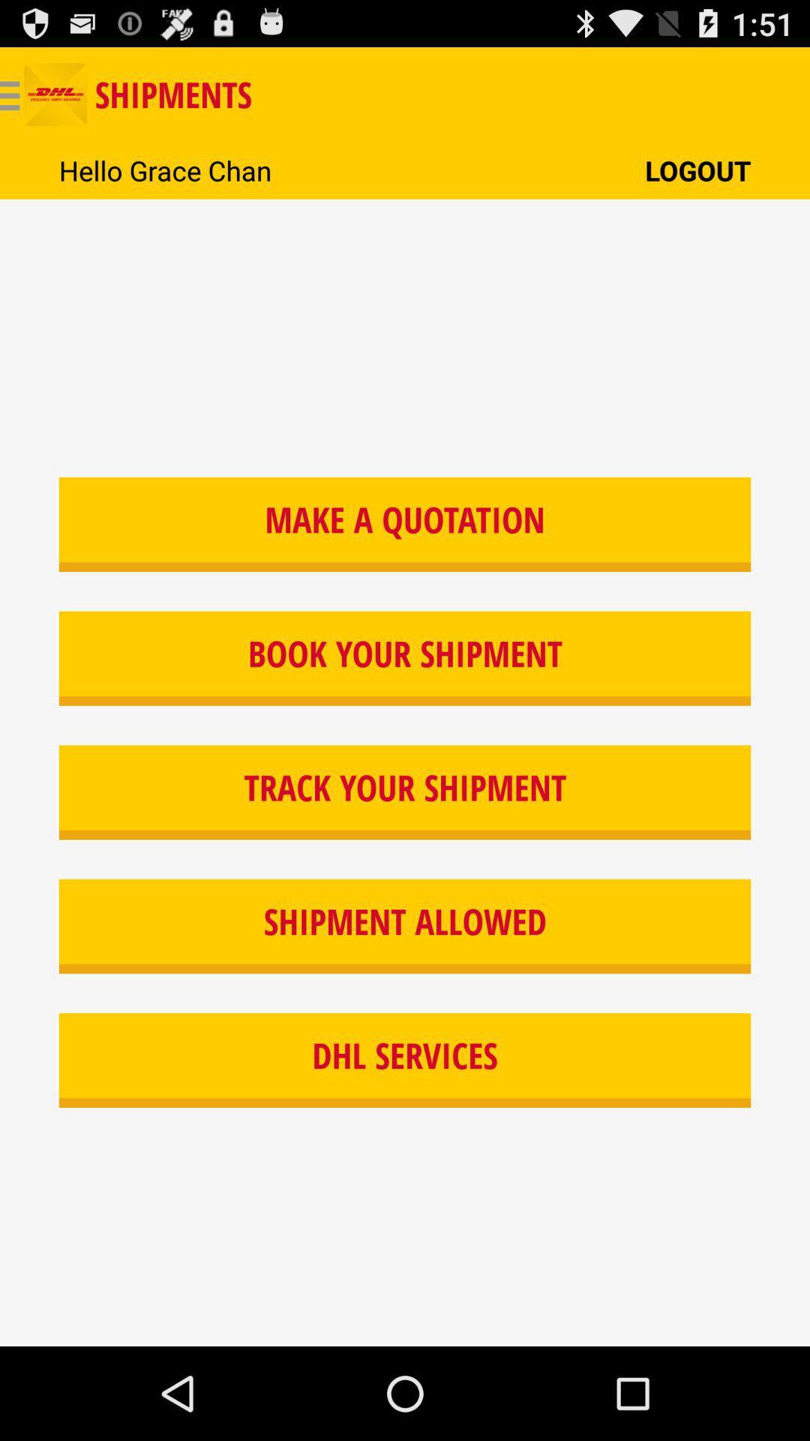  What do you see at coordinates (405, 1059) in the screenshot?
I see `the dhl services button` at bounding box center [405, 1059].